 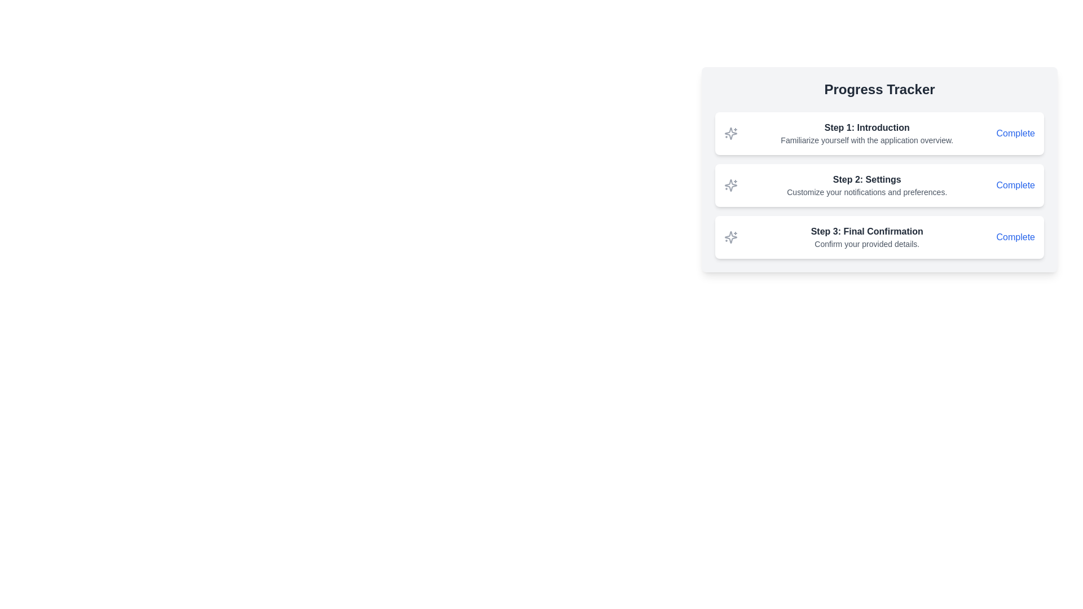 I want to click on text from the Text label element displaying 'Step 1: Introduction' in bold gray font, which is the first step in the progress tracker interface, so click(x=866, y=127).